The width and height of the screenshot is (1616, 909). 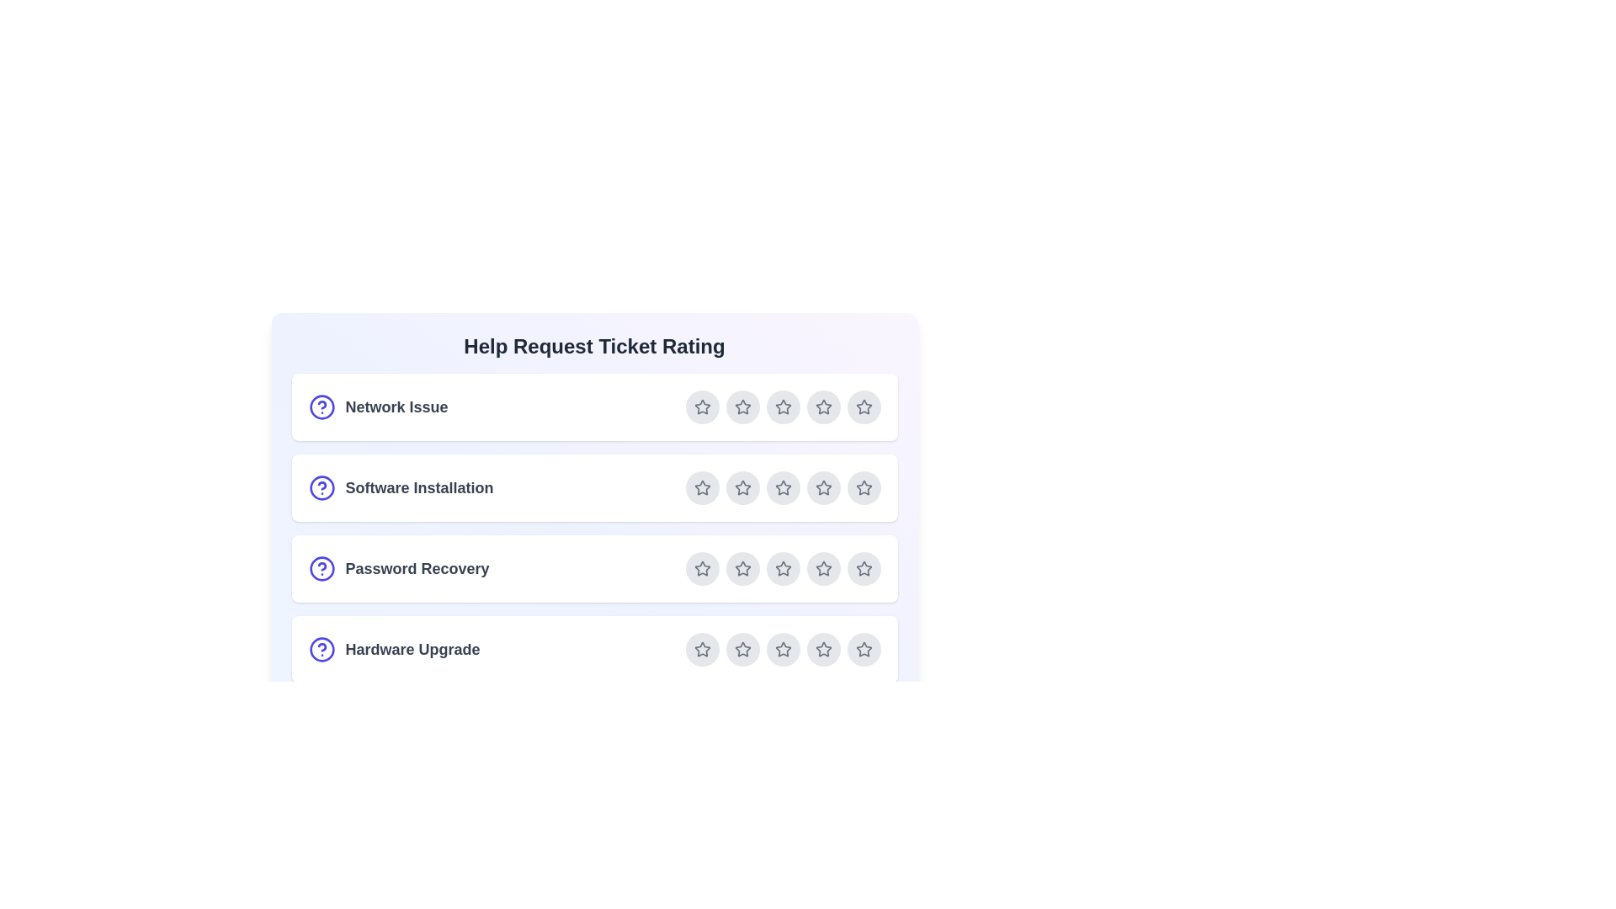 I want to click on the star corresponding to 4 for the ticket Software Installation, so click(x=823, y=487).